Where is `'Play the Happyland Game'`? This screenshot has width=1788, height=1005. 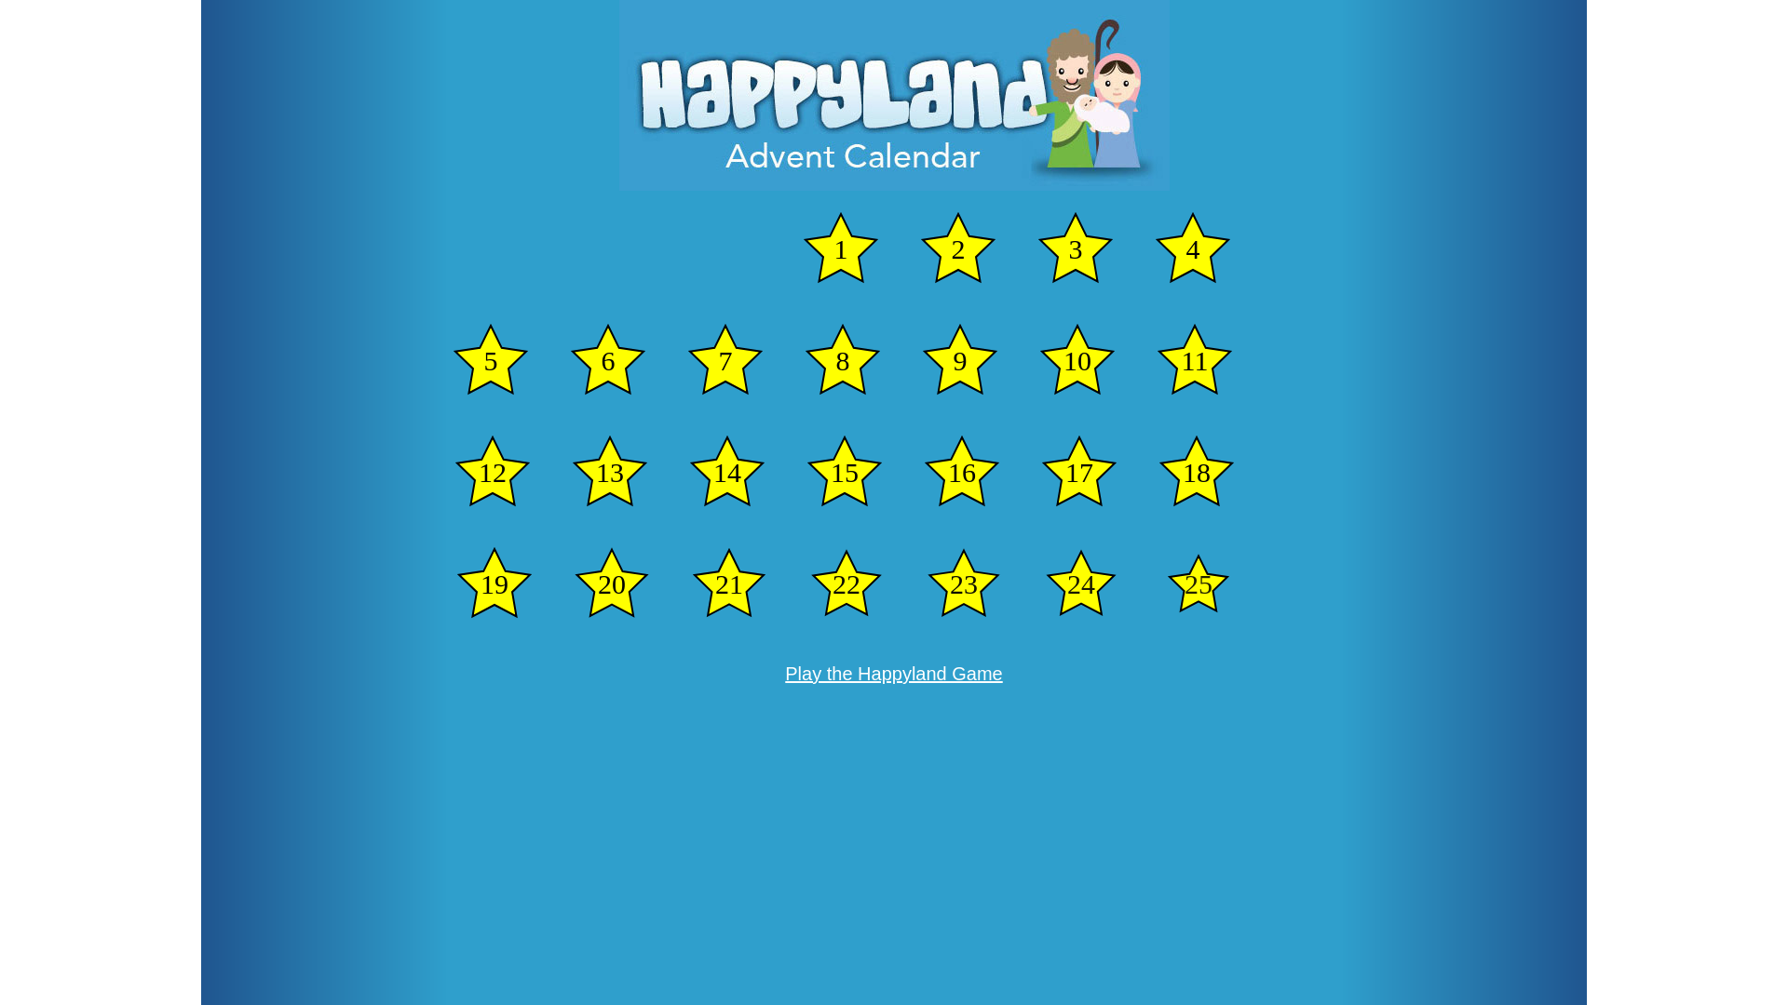 'Play the Happyland Game' is located at coordinates (892, 674).